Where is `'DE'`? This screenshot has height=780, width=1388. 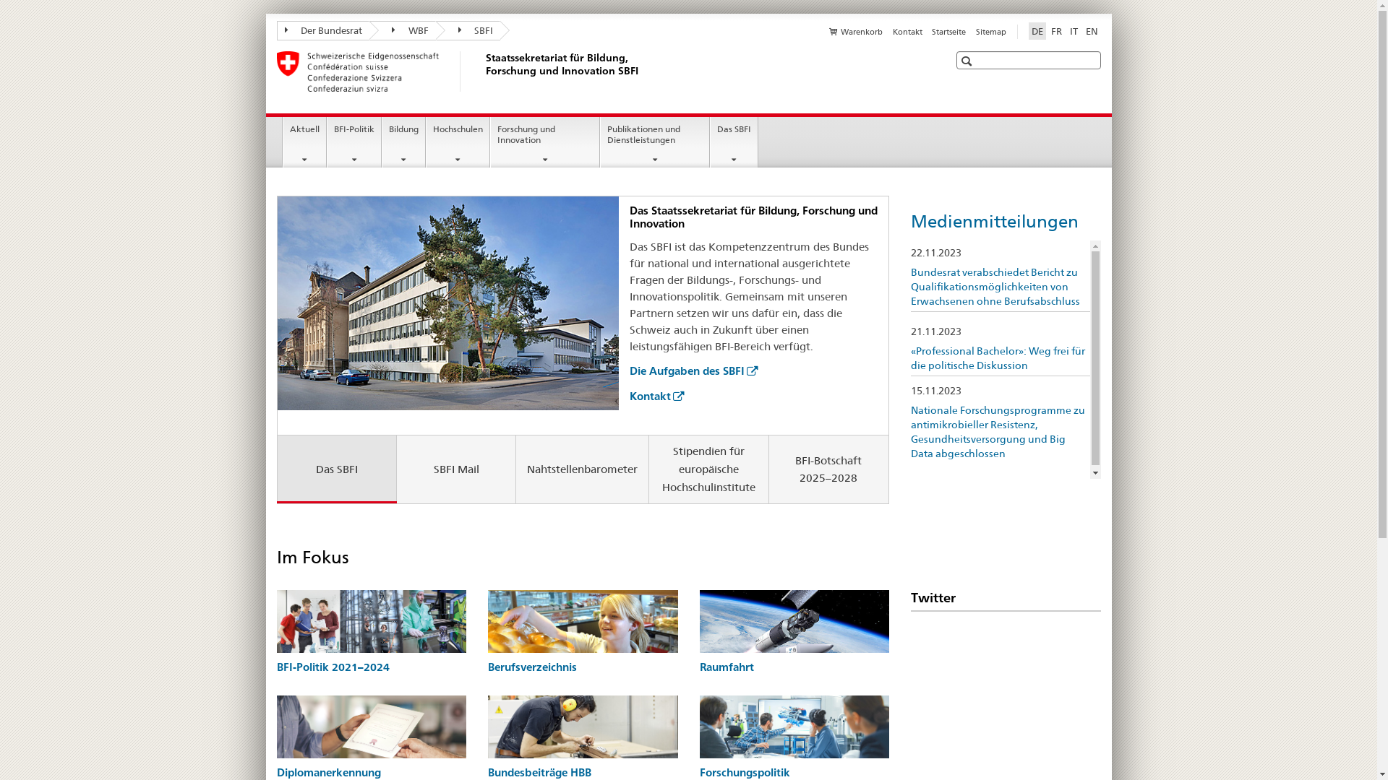
'DE' is located at coordinates (1036, 30).